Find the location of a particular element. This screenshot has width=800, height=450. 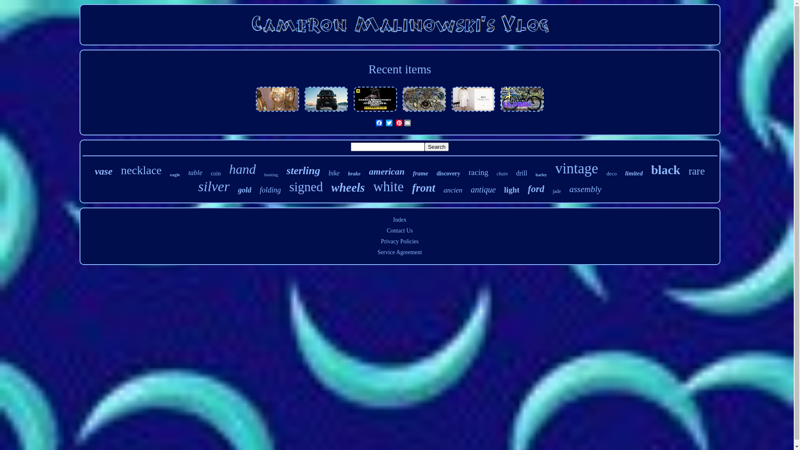

'sterling' is located at coordinates (286, 170).